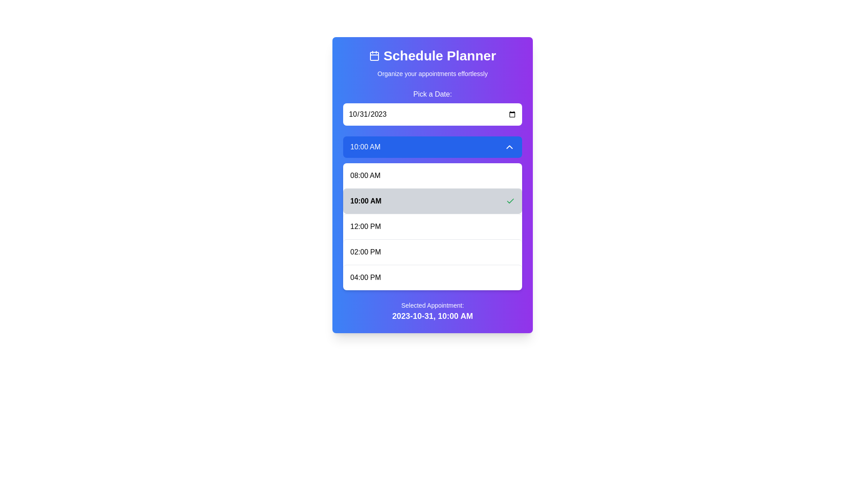 The height and width of the screenshot is (483, 859). What do you see at coordinates (432, 55) in the screenshot?
I see `the 'Schedule Planner' heading text that features a calendar icon on its left, styled in bold and large font, positioned centrally in the header section above the subtitle 'Organize your appointments effortlessly'` at bounding box center [432, 55].